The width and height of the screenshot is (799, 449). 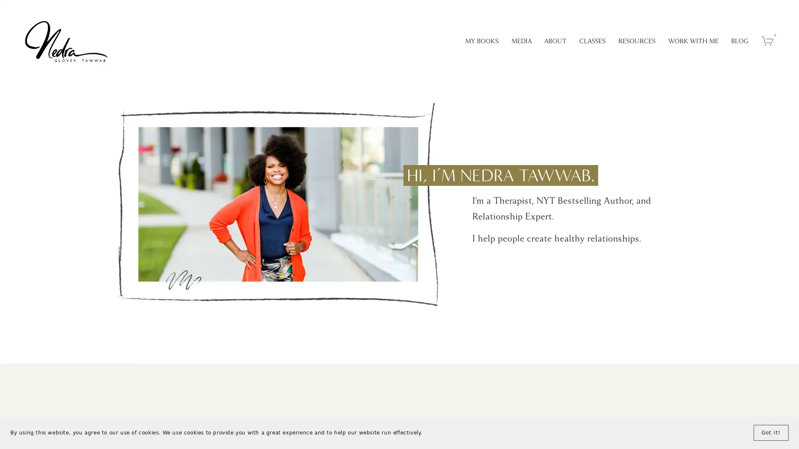 What do you see at coordinates (770, 432) in the screenshot?
I see `Got it!` at bounding box center [770, 432].